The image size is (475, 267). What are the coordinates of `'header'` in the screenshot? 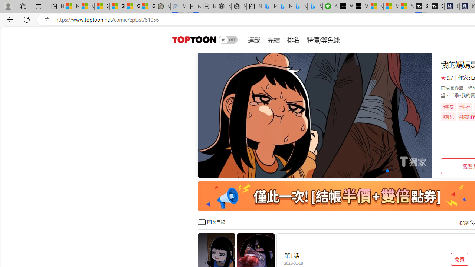 It's located at (193, 39).